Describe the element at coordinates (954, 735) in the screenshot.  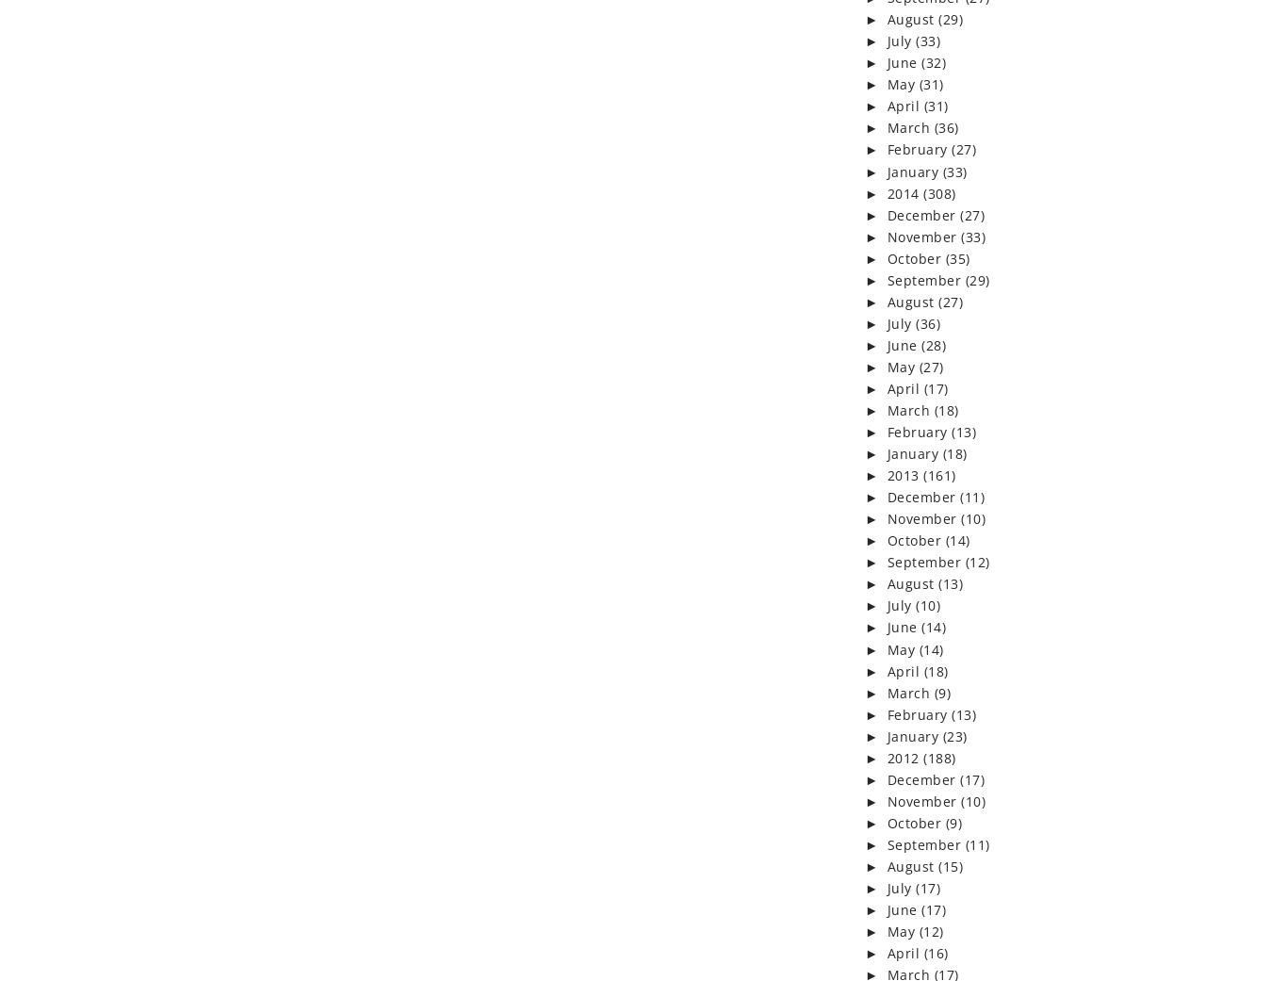
I see `'(23)'` at that location.